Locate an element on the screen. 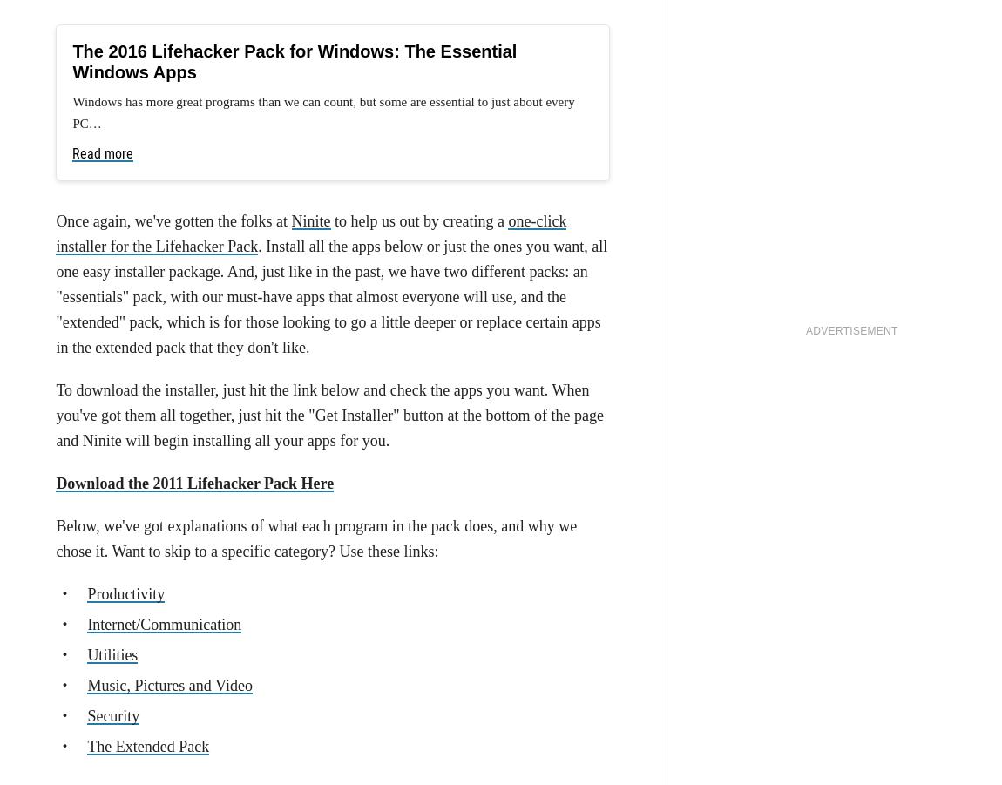  ', and it's easy to see why. It's fast, extensible, and syncs your preferences, extensions, passwords, and more all through your Google account. Plus, it updates pretty frequently, improving itself every few weeks through small, incremental updates.' is located at coordinates (55, 318).